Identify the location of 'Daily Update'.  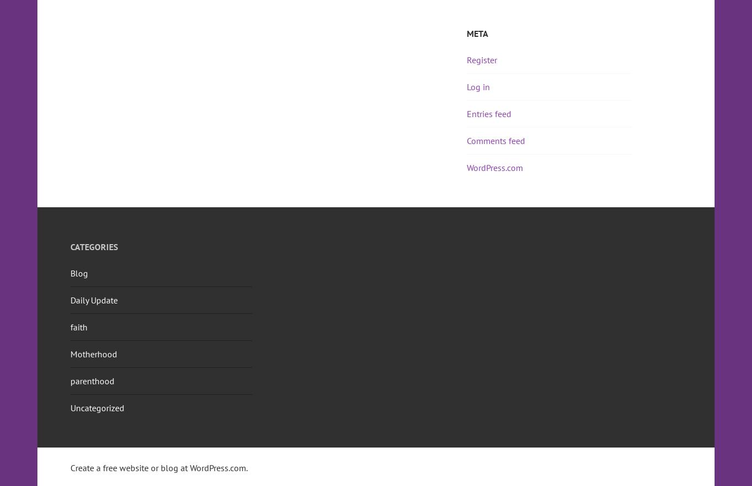
(94, 300).